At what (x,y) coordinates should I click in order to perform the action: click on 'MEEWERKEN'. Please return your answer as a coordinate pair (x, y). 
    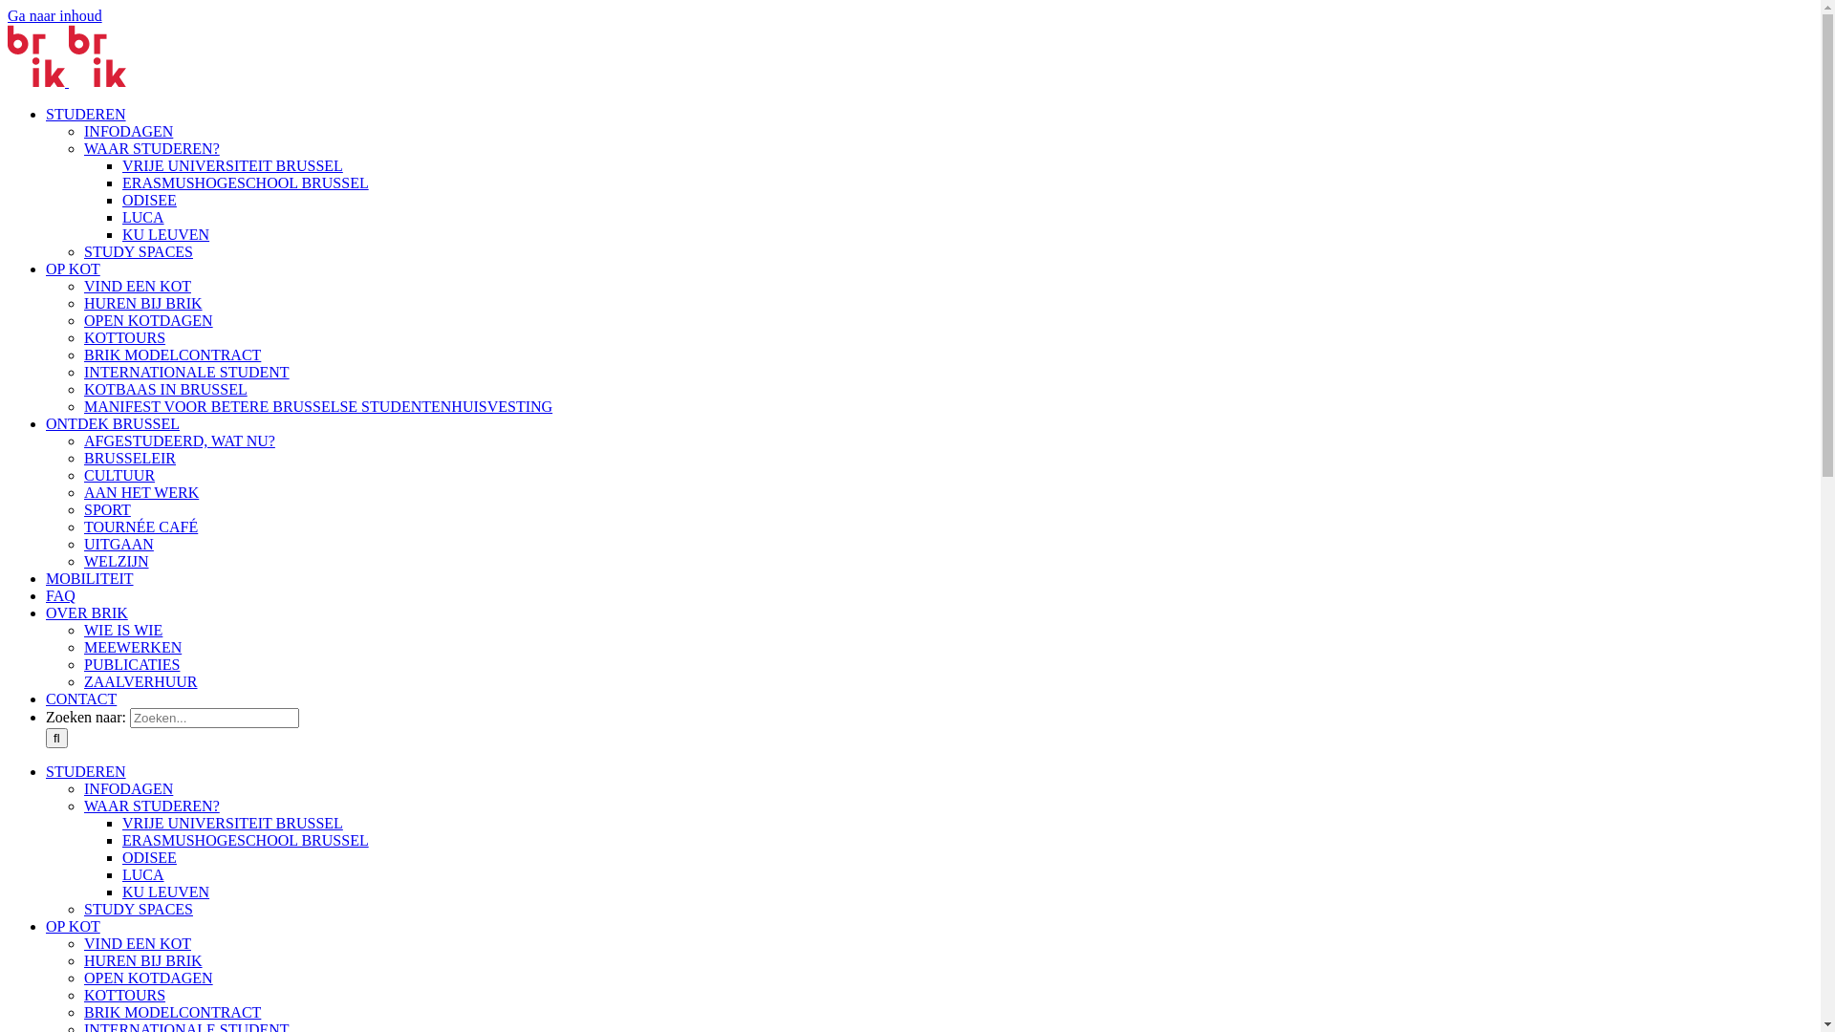
    Looking at the image, I should click on (132, 646).